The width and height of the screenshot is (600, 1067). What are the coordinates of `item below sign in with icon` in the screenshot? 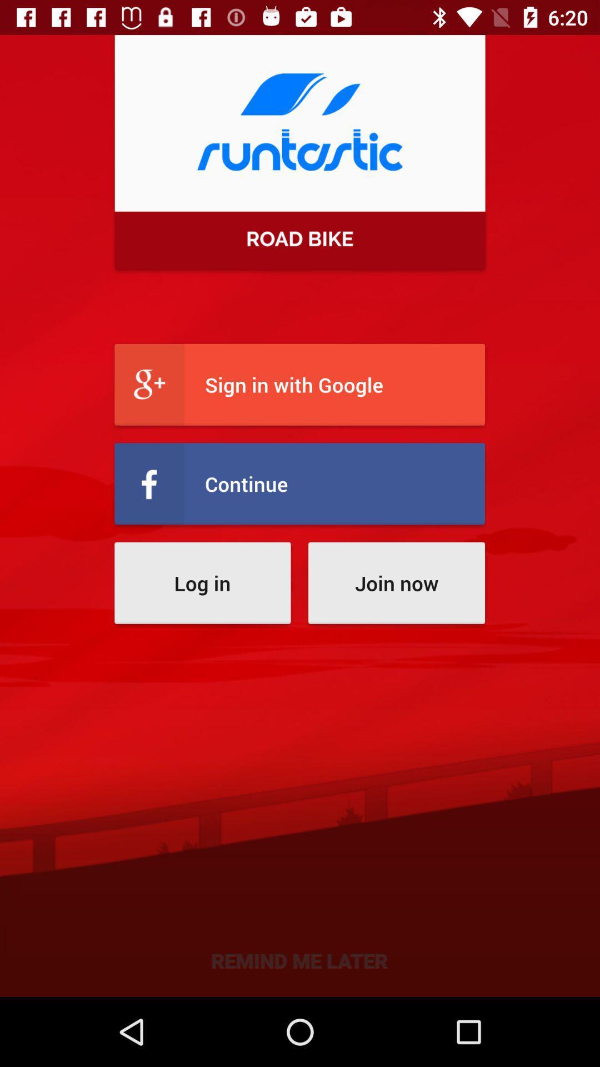 It's located at (299, 483).